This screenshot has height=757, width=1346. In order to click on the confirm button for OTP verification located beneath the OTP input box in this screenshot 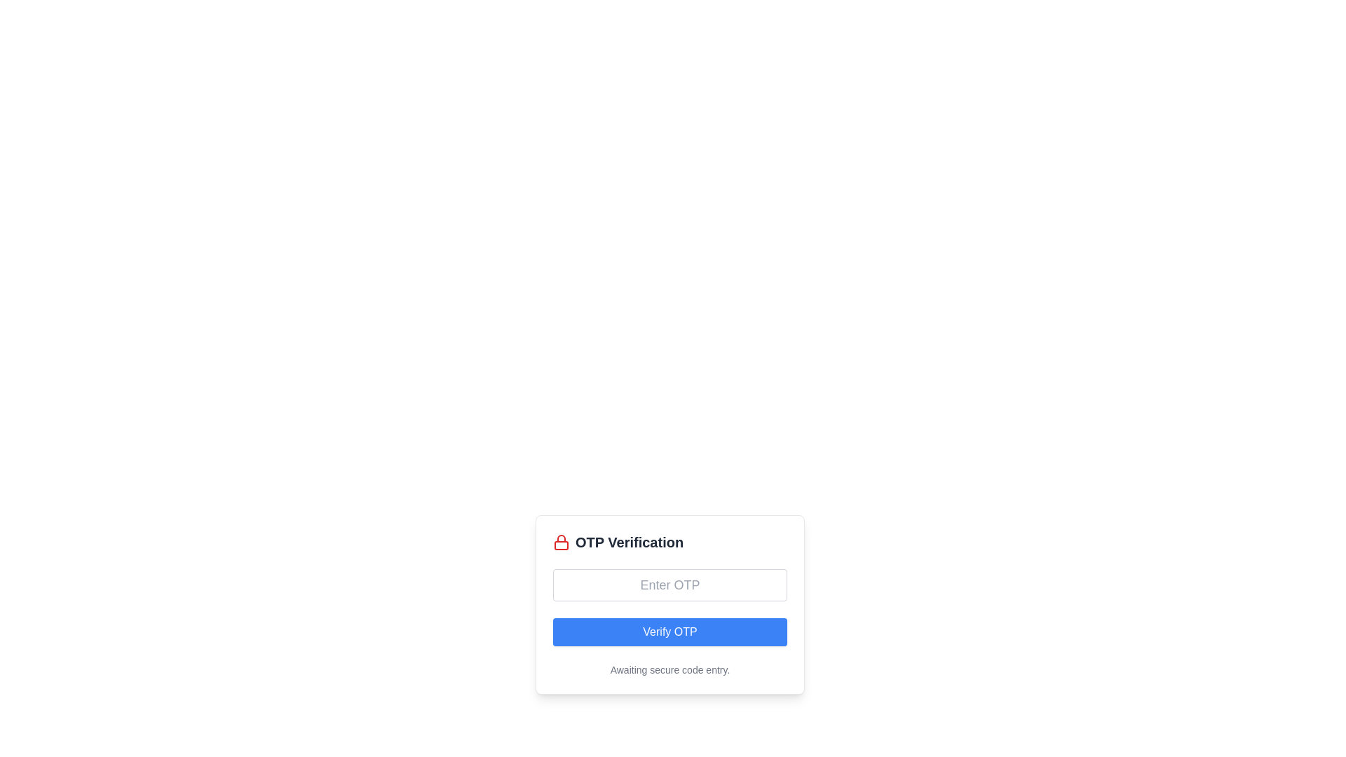, I will do `click(669, 632)`.